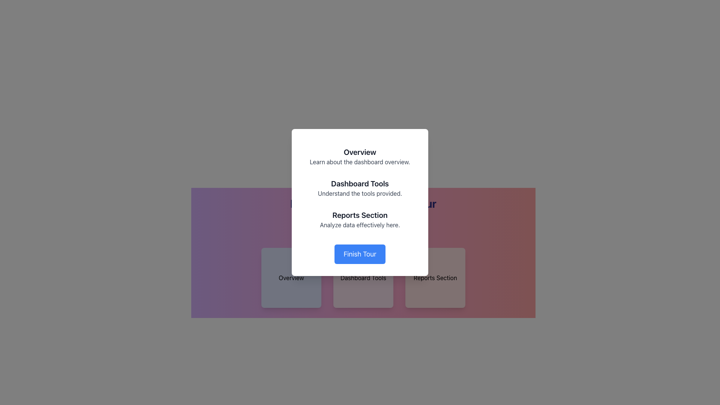 This screenshot has width=720, height=405. What do you see at coordinates (363, 215) in the screenshot?
I see `the static text element that says 'Learn to navigate the app with ease.' styled in indigo within a centered white card` at bounding box center [363, 215].